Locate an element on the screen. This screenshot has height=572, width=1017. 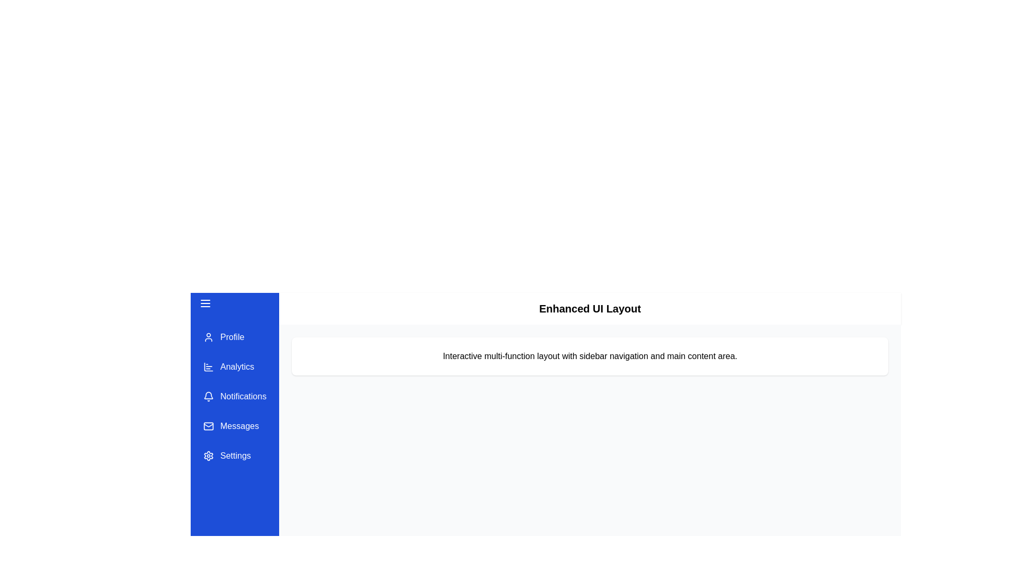
the sidebar menu item labeled 'Analytics' which has a blue background and white text is located at coordinates (228, 367).